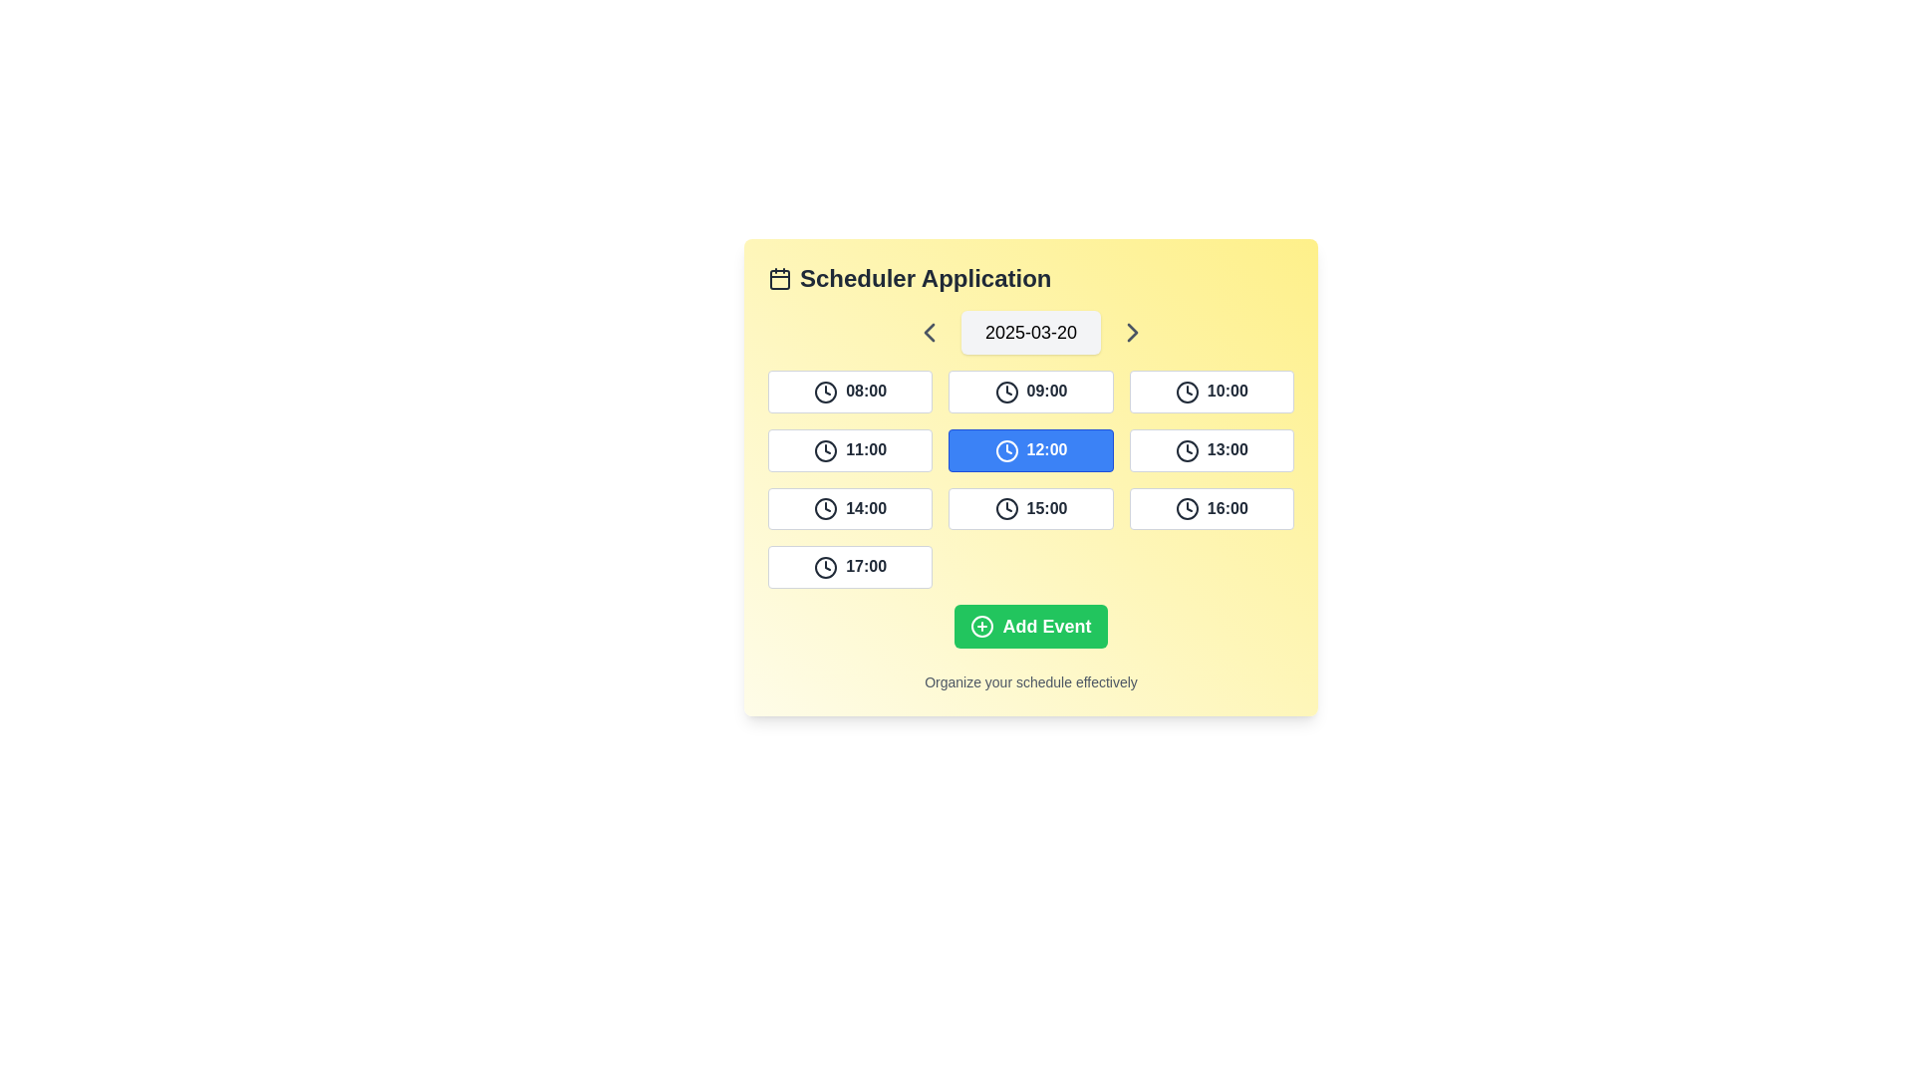  Describe the element at coordinates (1187, 450) in the screenshot. I see `the circular clock face icon representing the hour '13:00' in the scheduler interface` at that location.